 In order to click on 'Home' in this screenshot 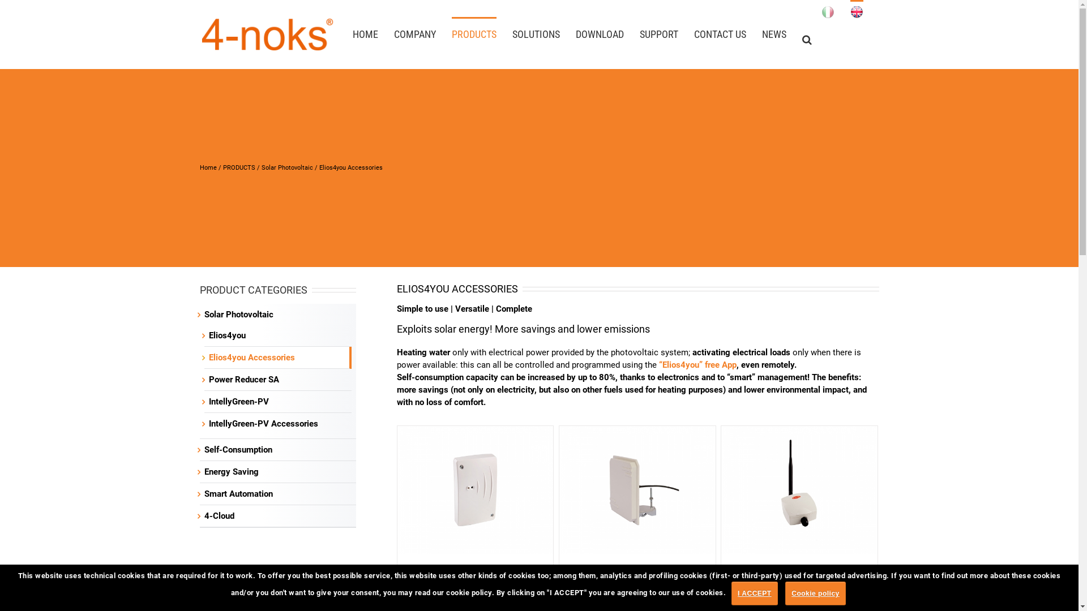, I will do `click(207, 167)`.